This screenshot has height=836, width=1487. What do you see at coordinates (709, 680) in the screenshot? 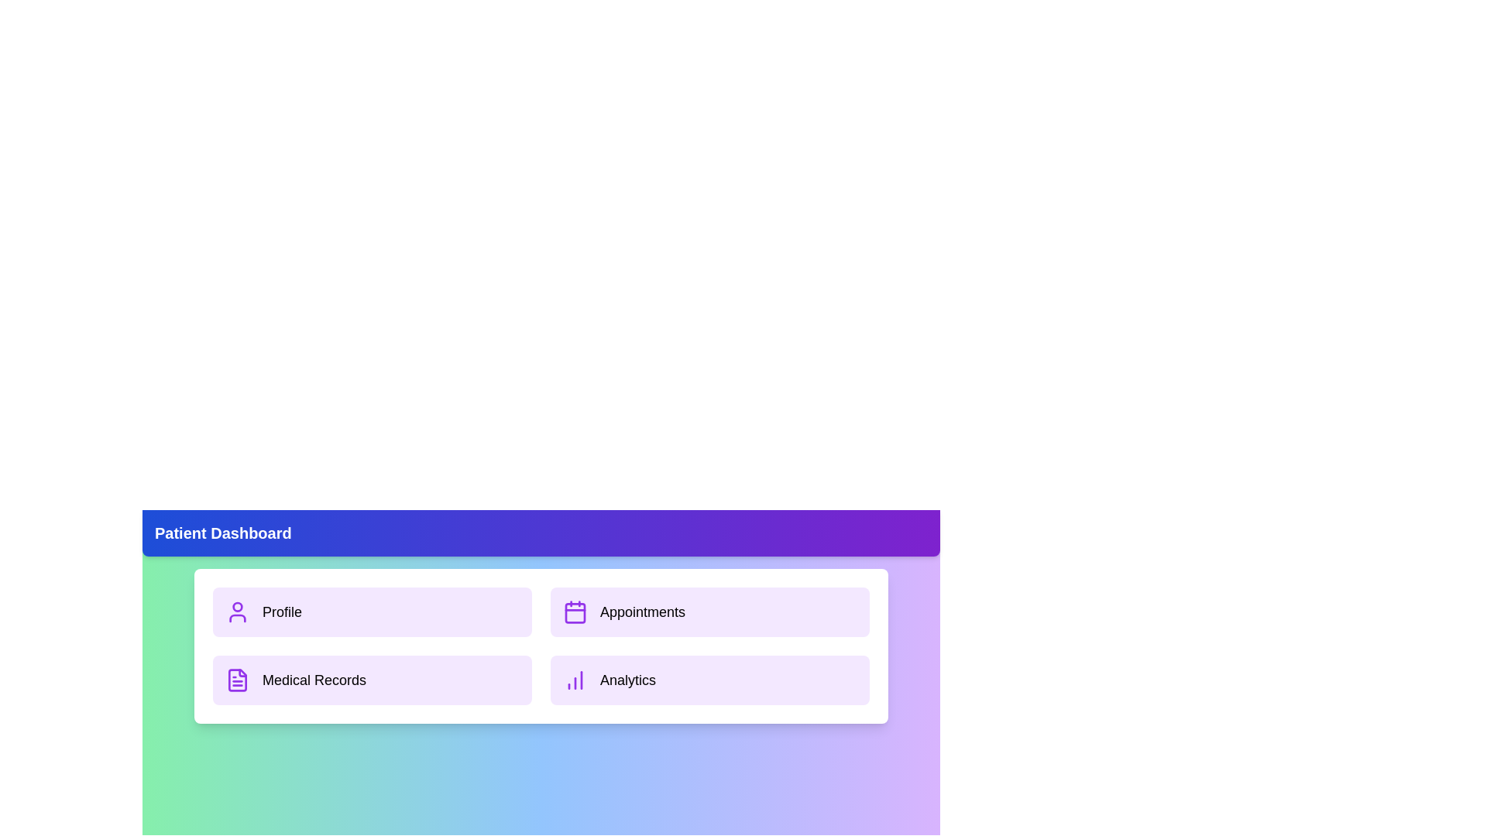
I see `the 'Analytics' section` at bounding box center [709, 680].